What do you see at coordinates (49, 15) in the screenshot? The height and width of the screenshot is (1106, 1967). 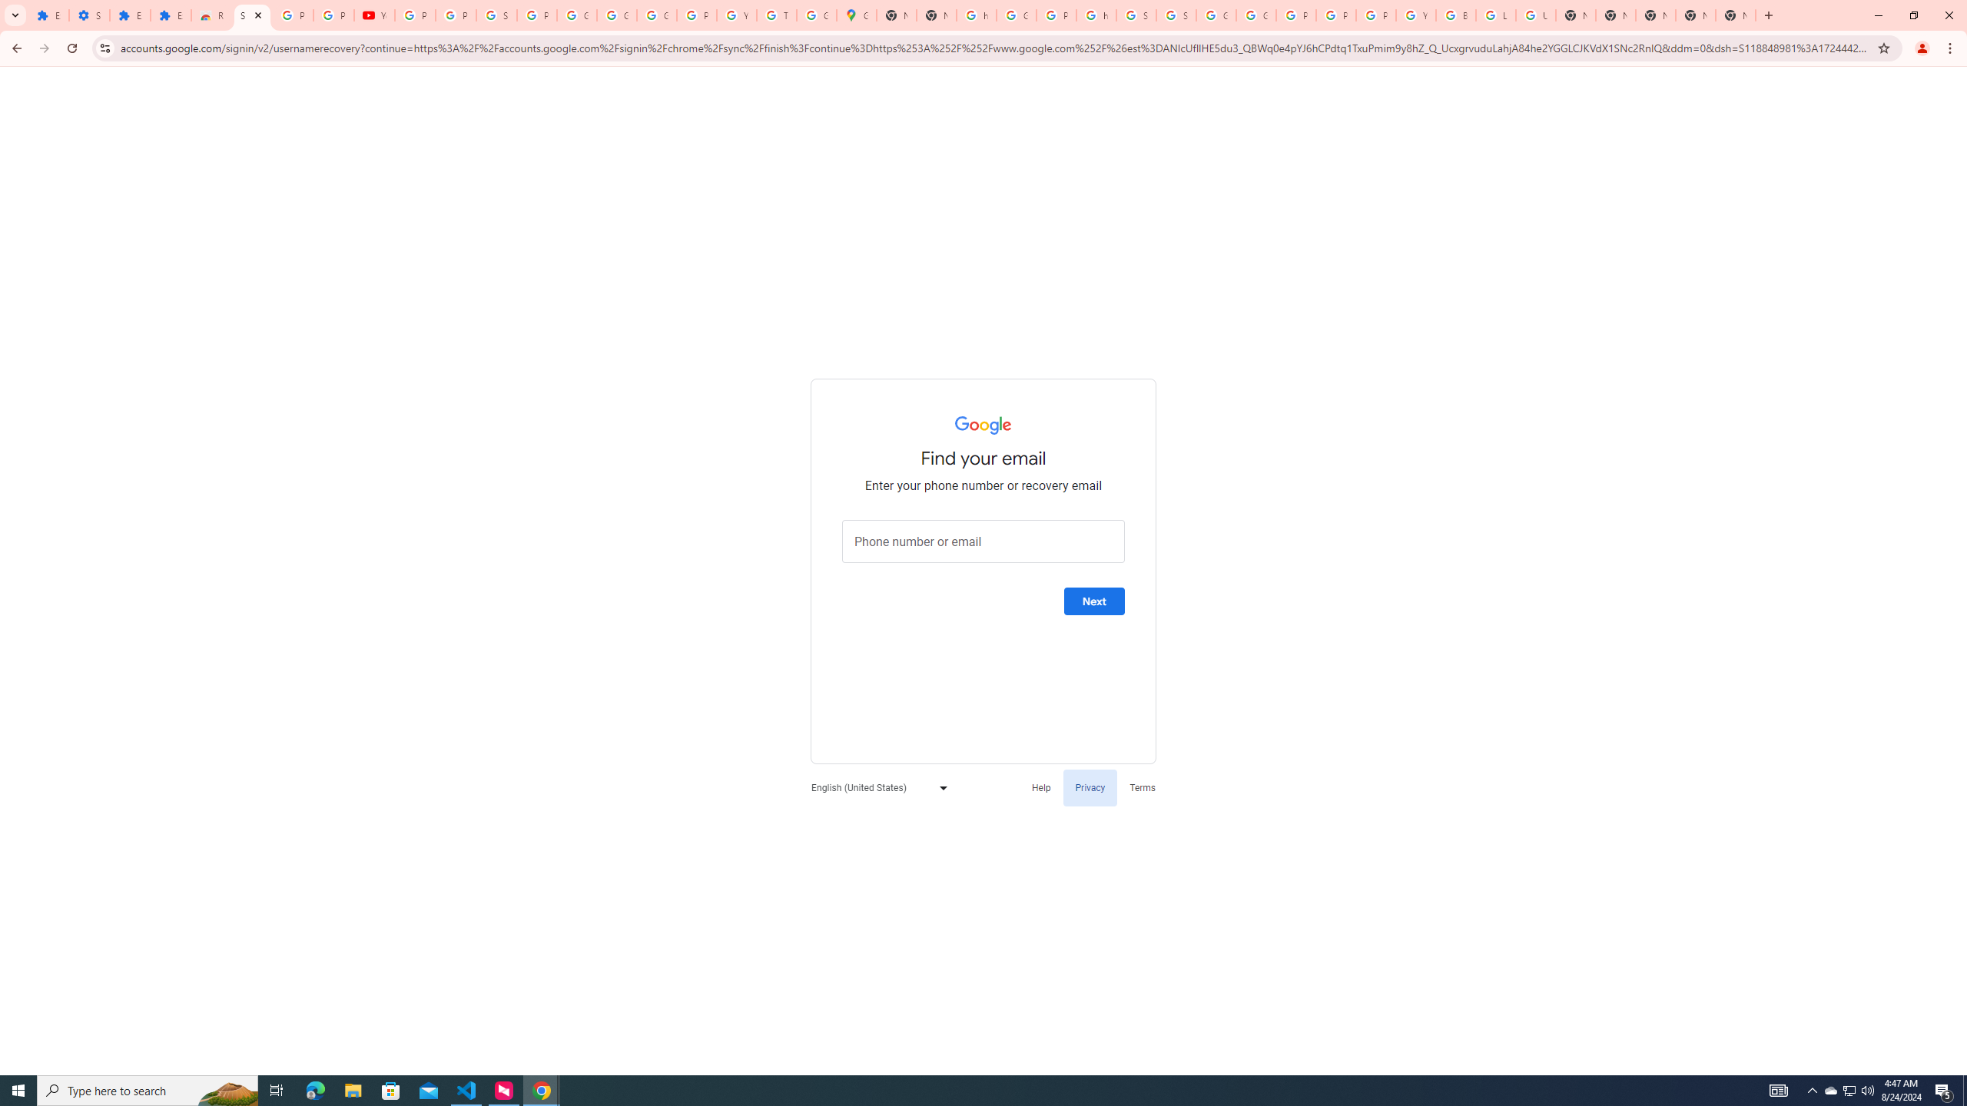 I see `'Extensions'` at bounding box center [49, 15].